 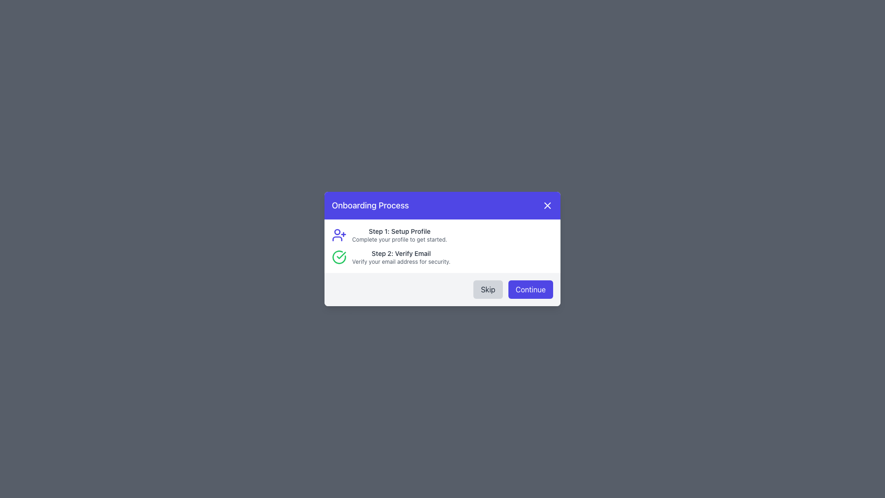 What do you see at coordinates (442, 245) in the screenshot?
I see `the Informative Section that guides the user through the two-step onboarding process, located below the title 'Onboarding Process'` at bounding box center [442, 245].